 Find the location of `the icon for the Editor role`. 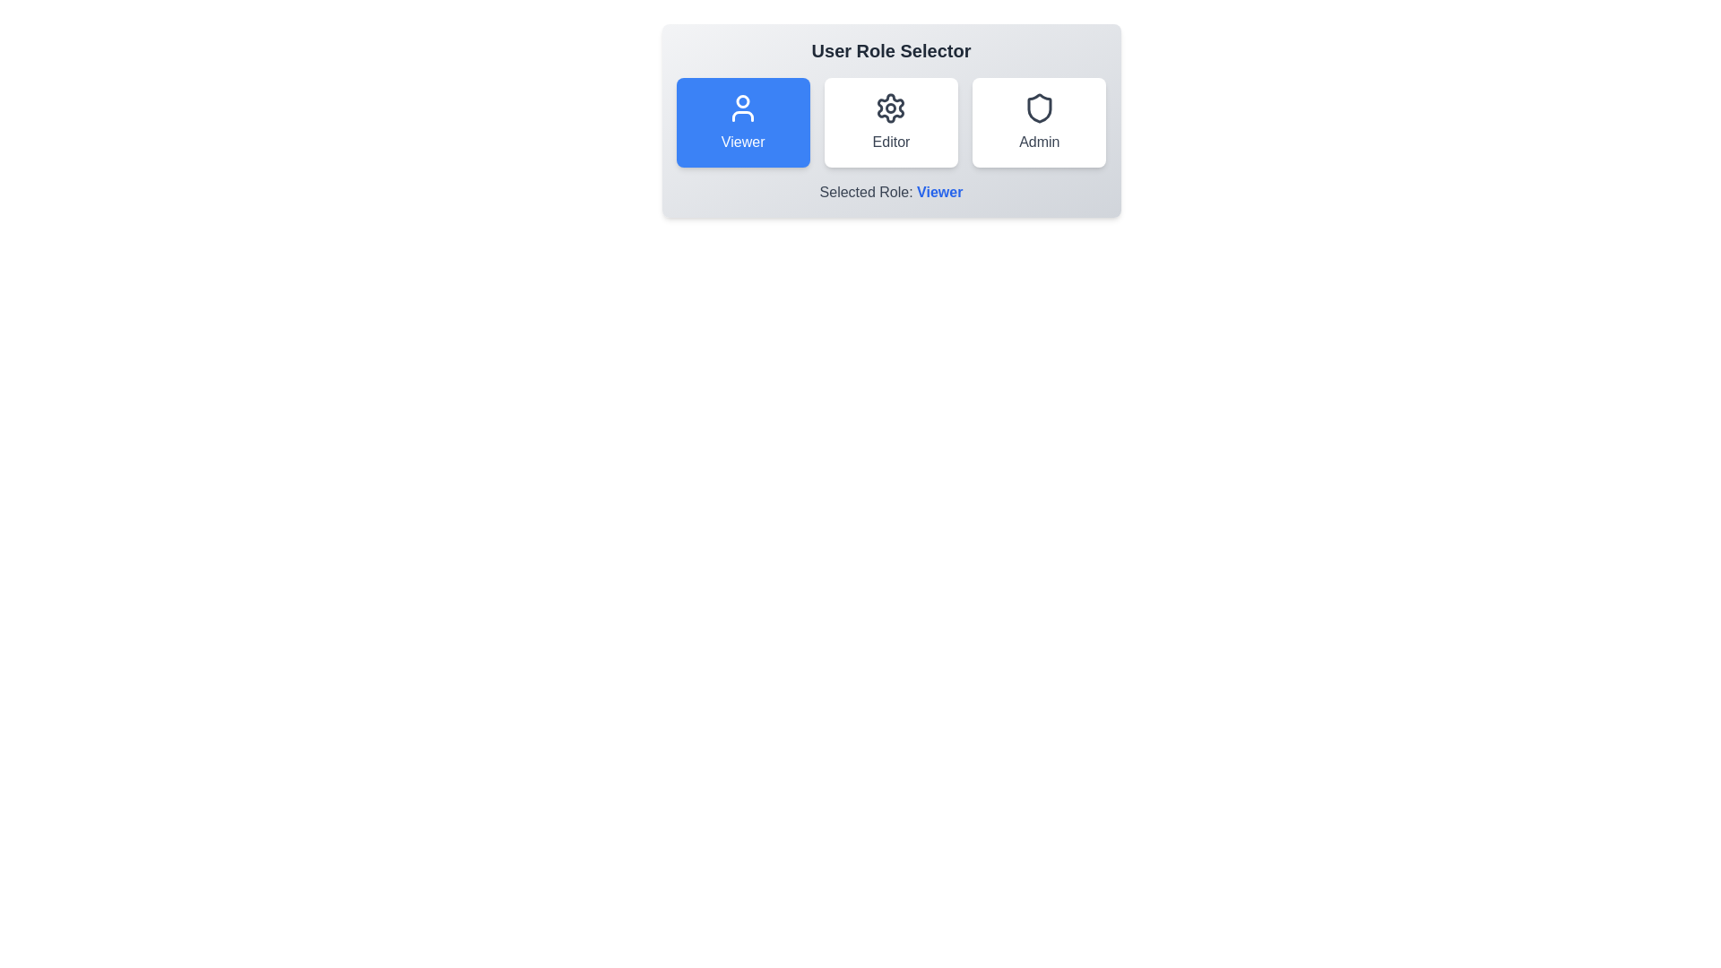

the icon for the Editor role is located at coordinates (890, 108).